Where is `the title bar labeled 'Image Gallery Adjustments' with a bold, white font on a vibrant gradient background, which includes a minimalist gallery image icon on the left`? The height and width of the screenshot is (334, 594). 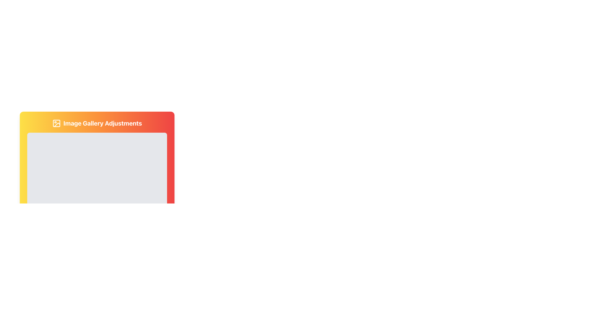
the title bar labeled 'Image Gallery Adjustments' with a bold, white font on a vibrant gradient background, which includes a minimalist gallery image icon on the left is located at coordinates (97, 123).